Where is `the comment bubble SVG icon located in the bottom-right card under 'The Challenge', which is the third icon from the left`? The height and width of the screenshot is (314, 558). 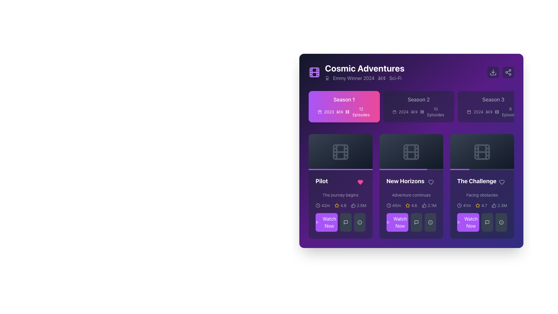
the comment bubble SVG icon located in the bottom-right card under 'The Challenge', which is the third icon from the left is located at coordinates (487, 222).